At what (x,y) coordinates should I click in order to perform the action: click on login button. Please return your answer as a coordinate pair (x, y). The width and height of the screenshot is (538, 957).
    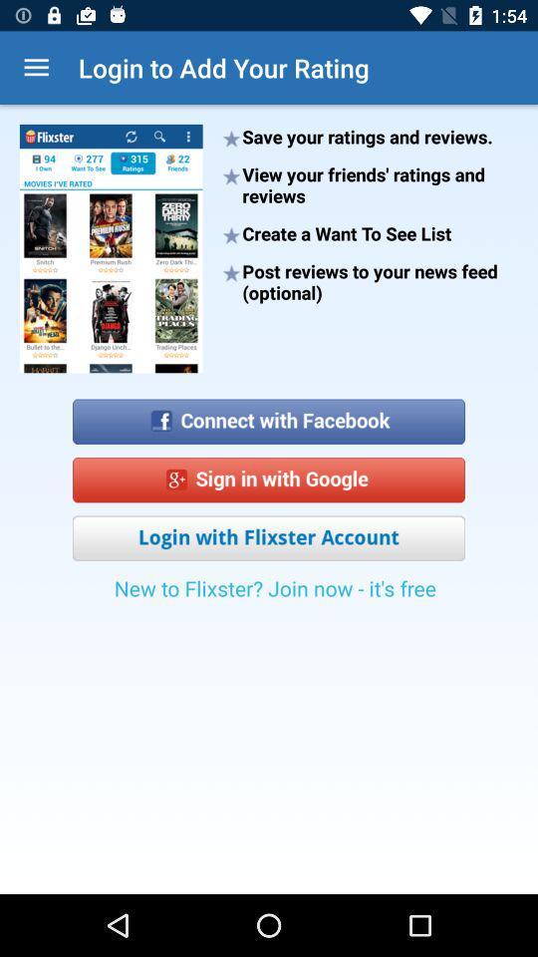
    Looking at the image, I should click on (269, 537).